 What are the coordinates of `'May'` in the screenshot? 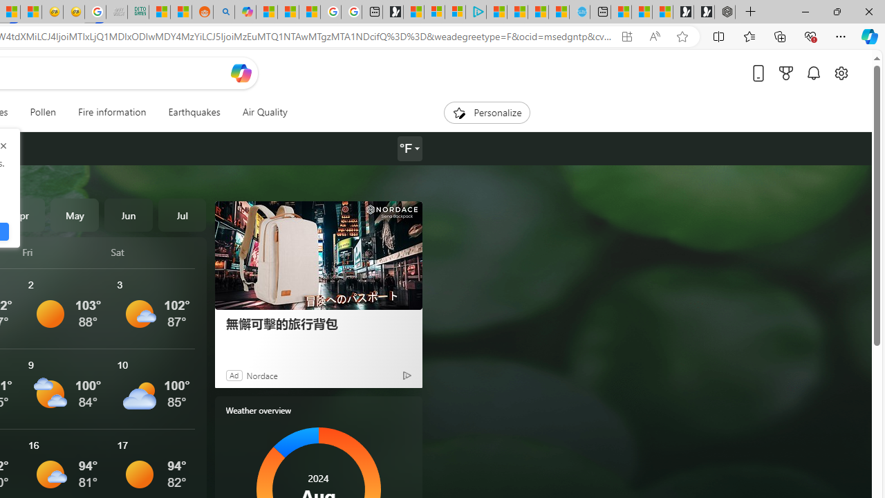 It's located at (74, 215).